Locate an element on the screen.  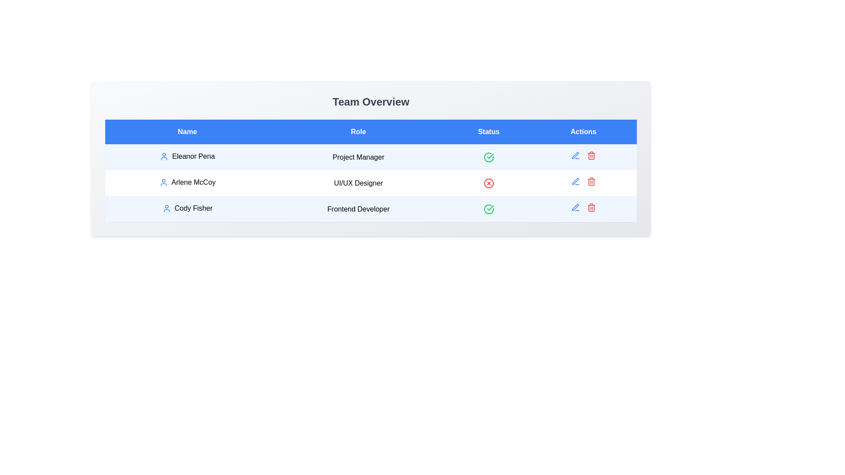
the Table Header Cell that serves as the header label for the 'Actions' column in the table, positioned in the fourth column after 'Name', 'Role', and 'Status' is located at coordinates (583, 132).